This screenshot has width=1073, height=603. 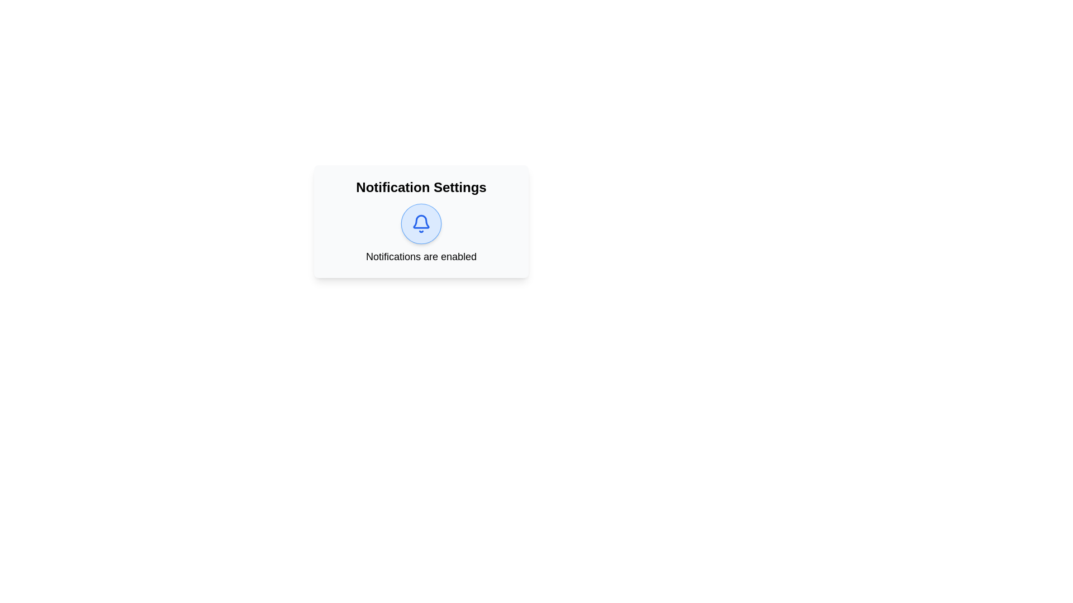 I want to click on the notification toggle button to change its state, so click(x=420, y=224).